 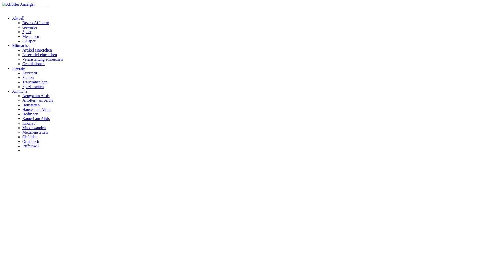 I want to click on 'Hedingen', so click(x=30, y=114).